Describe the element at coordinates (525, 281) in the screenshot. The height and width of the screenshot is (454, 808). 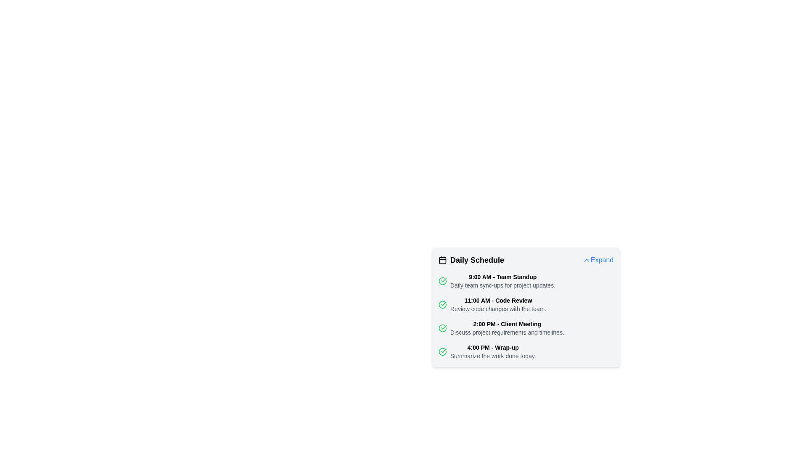
I see `the first list item representing the scheduled event '9:00 AM - Team Standup'` at that location.